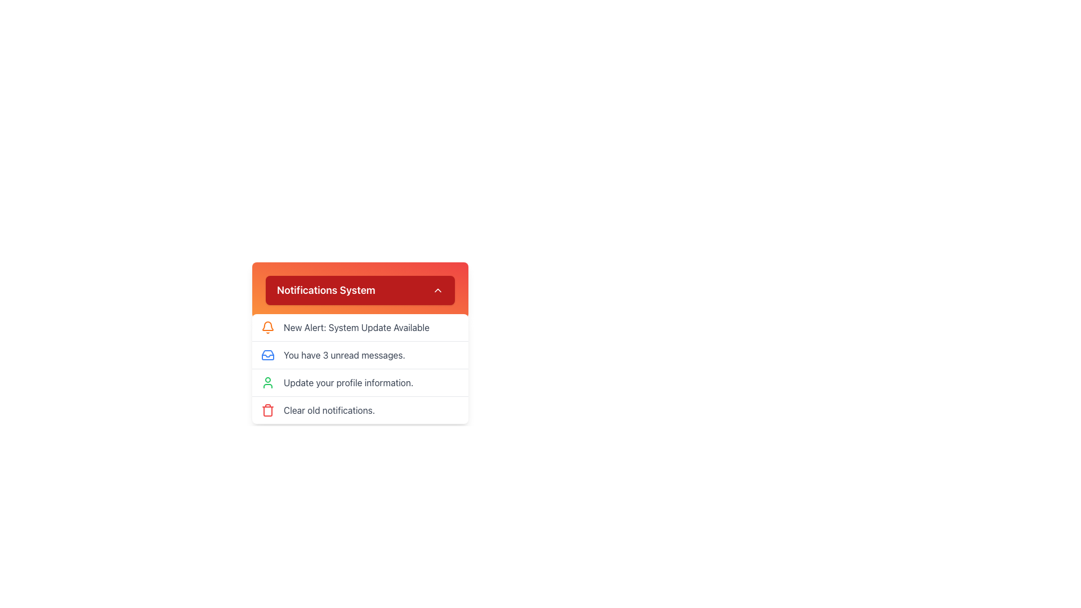 Image resolution: width=1081 pixels, height=608 pixels. What do you see at coordinates (359, 290) in the screenshot?
I see `the 'Notifications System' button with bold white text on a red background` at bounding box center [359, 290].